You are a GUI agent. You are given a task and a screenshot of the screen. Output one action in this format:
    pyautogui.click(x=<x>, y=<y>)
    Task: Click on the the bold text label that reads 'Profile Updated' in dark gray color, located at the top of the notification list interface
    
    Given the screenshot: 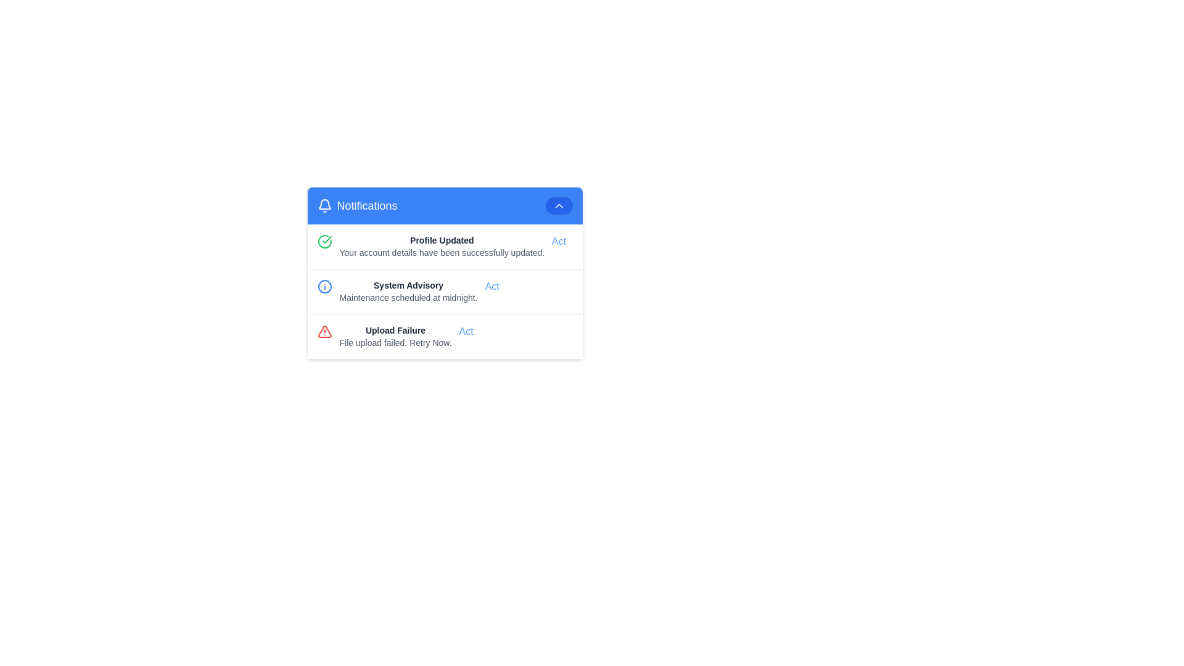 What is the action you would take?
    pyautogui.click(x=442, y=240)
    